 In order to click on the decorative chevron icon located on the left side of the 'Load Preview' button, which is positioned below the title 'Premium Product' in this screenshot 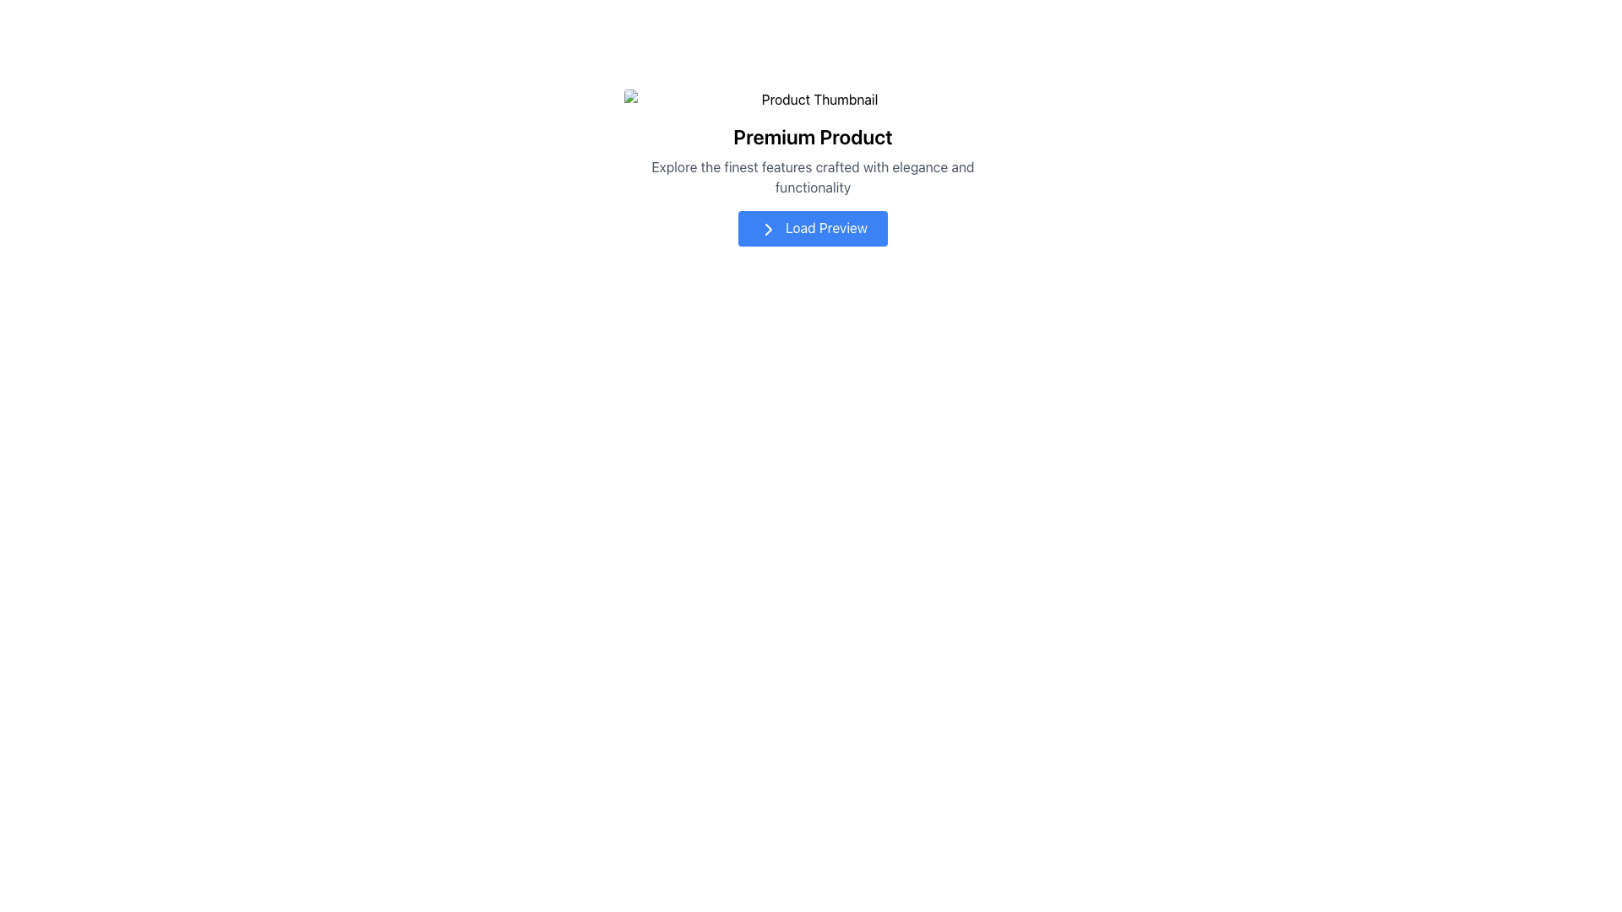, I will do `click(768, 229)`.